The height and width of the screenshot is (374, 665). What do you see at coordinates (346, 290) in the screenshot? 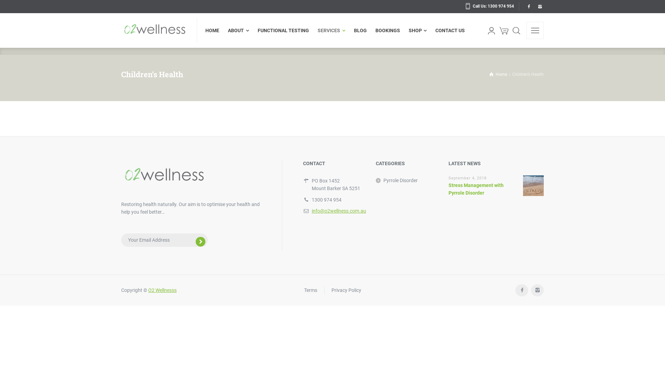
I see `'Privacy Policy'` at bounding box center [346, 290].